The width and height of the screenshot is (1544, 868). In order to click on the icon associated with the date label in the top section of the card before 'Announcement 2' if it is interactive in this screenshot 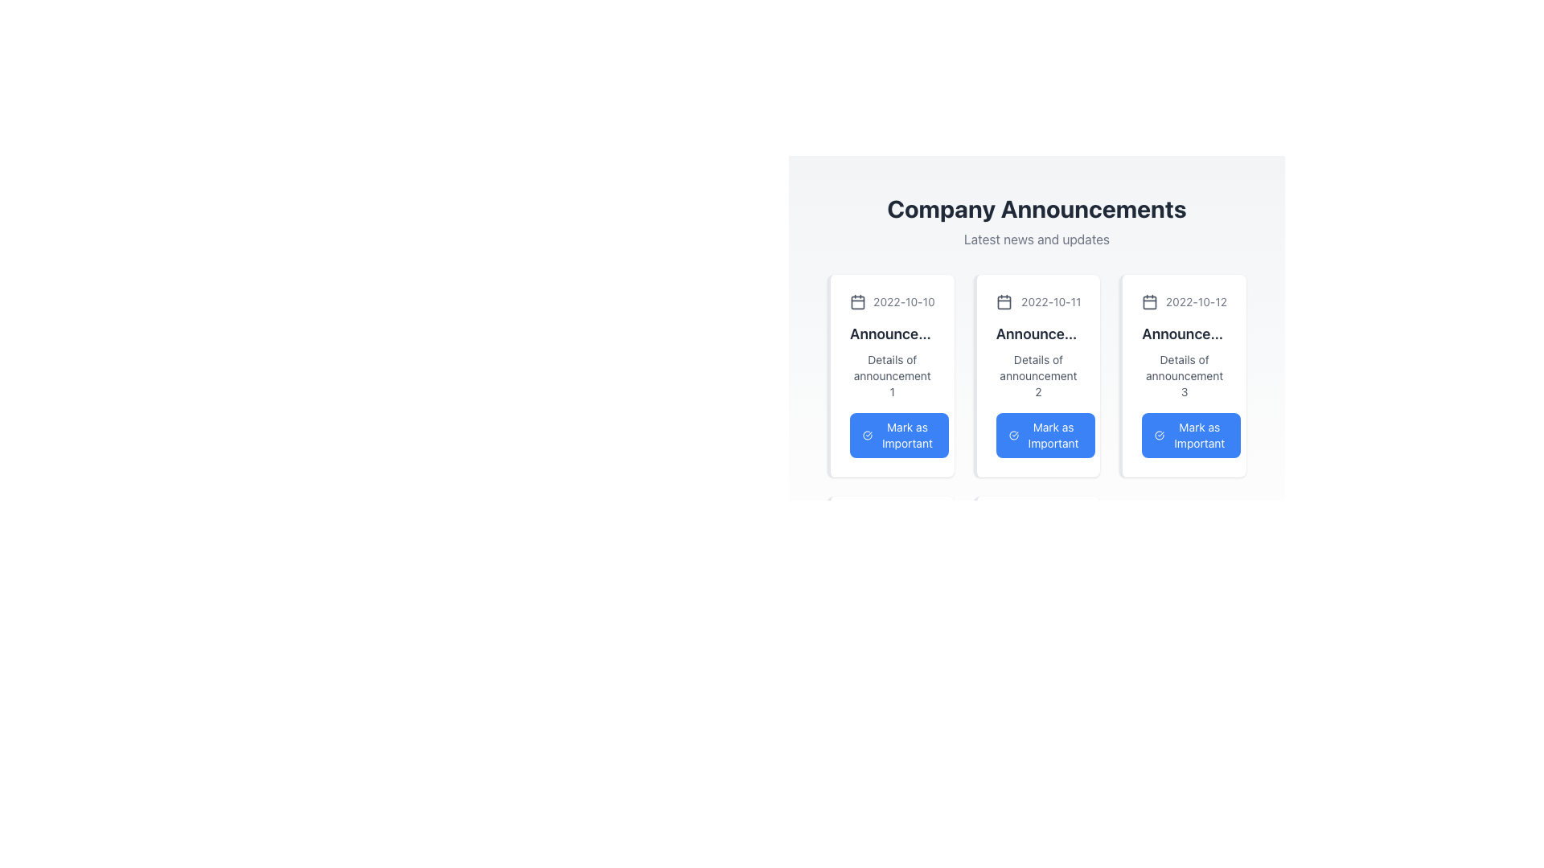, I will do `click(1038, 301)`.